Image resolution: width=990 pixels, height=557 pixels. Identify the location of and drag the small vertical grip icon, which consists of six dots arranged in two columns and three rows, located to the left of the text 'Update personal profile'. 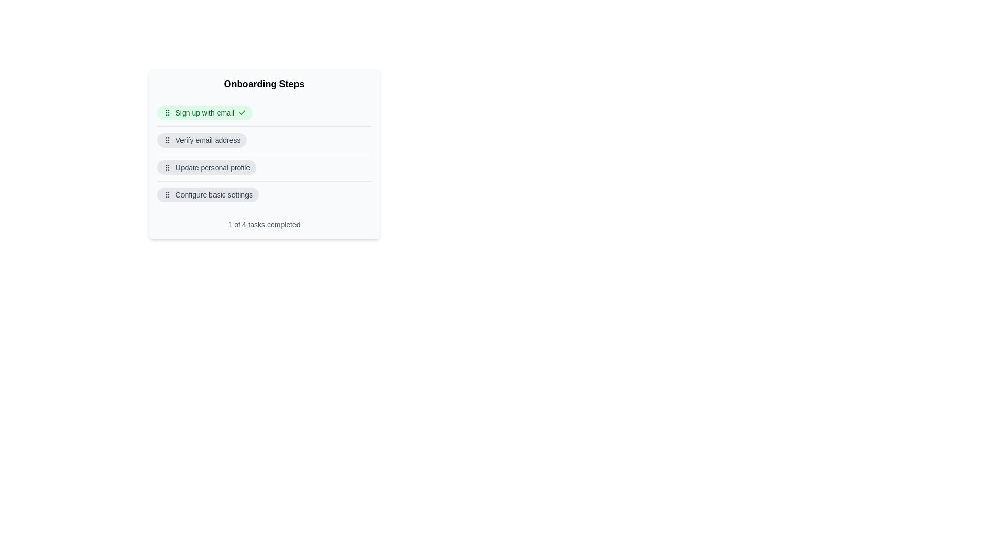
(167, 167).